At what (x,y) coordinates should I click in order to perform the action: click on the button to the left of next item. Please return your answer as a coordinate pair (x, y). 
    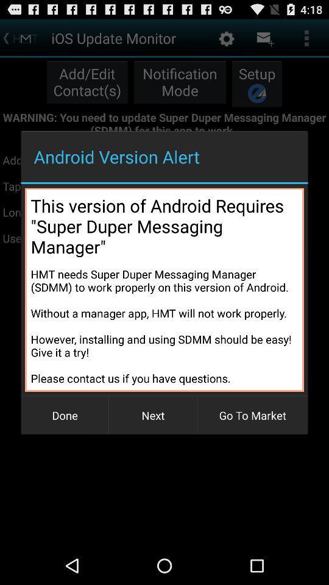
    Looking at the image, I should click on (65, 415).